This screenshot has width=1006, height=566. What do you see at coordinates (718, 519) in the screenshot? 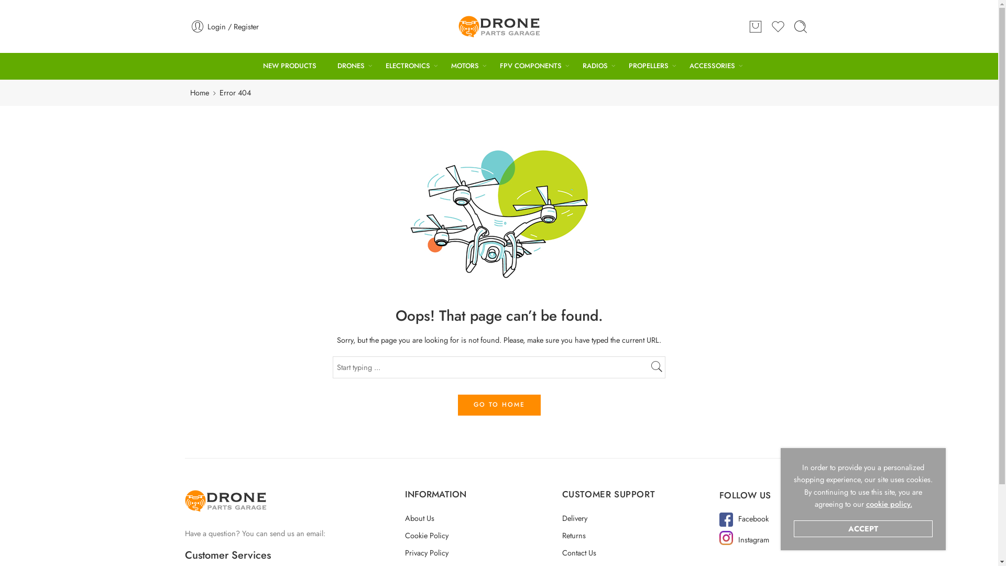
I see `'facebook'` at bounding box center [718, 519].